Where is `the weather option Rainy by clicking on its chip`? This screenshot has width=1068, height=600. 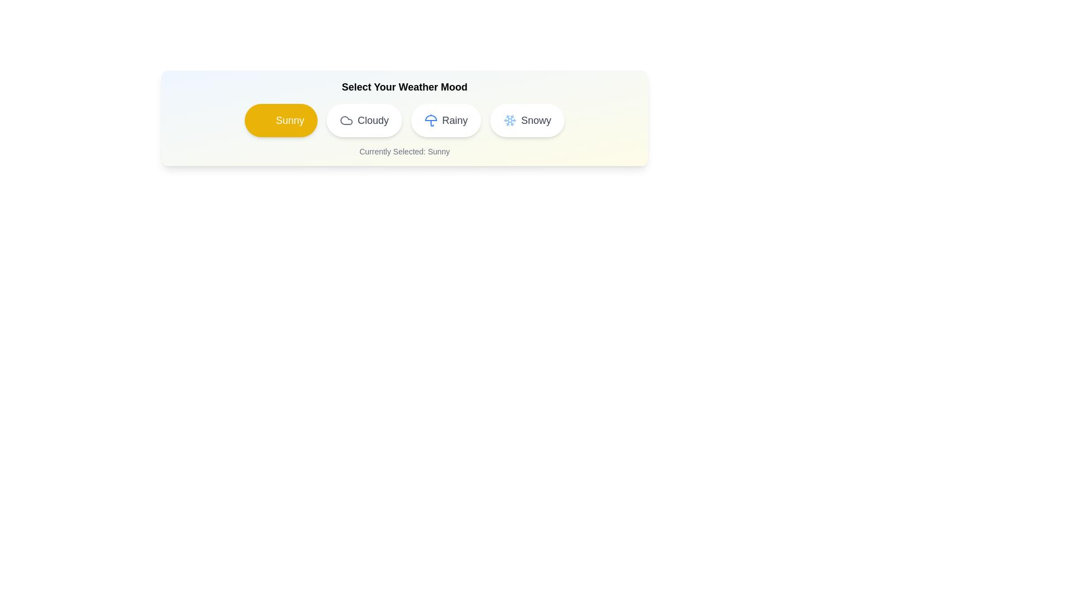
the weather option Rainy by clicking on its chip is located at coordinates (446, 120).